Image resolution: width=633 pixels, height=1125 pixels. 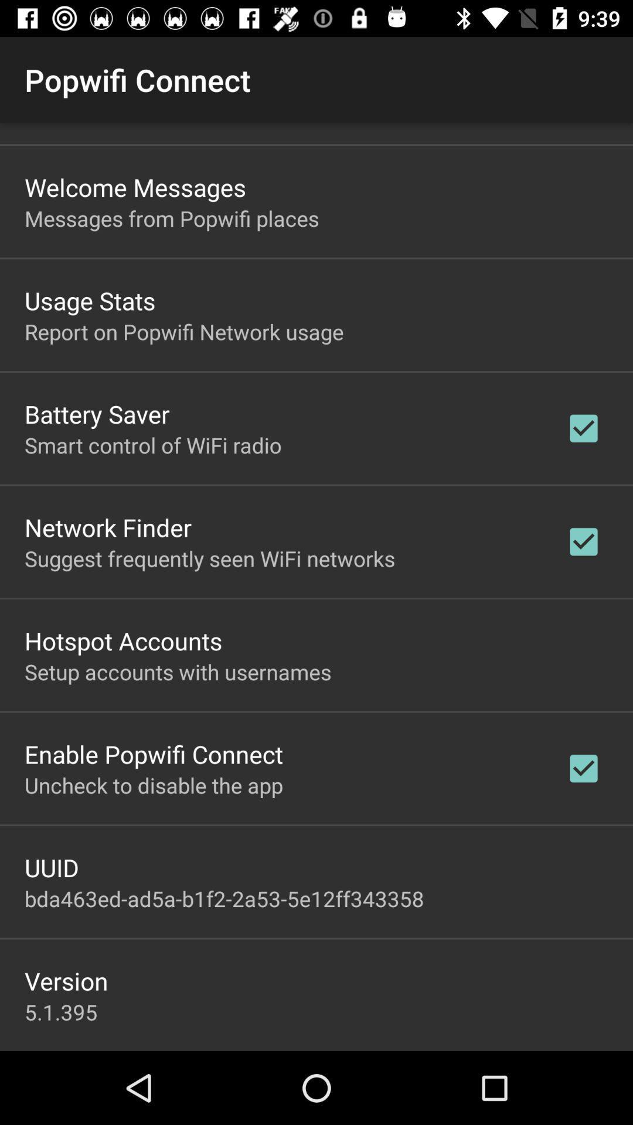 I want to click on item below smart control of icon, so click(x=108, y=527).